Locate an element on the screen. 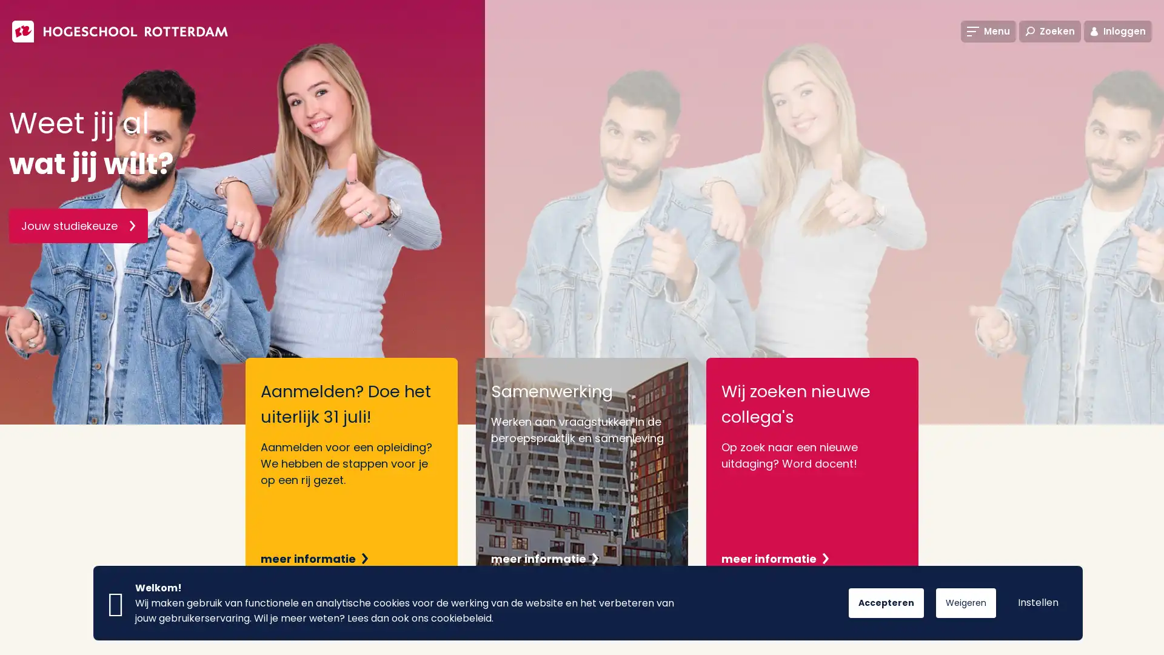  Accepteren is located at coordinates (885, 603).